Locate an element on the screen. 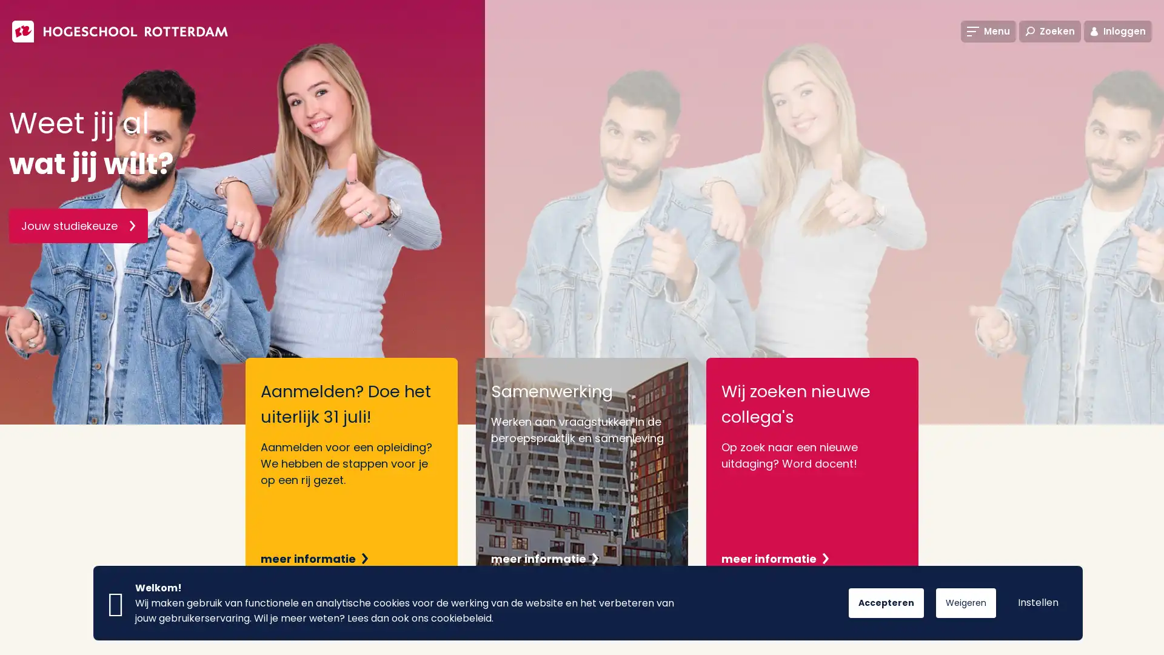  Accepteren is located at coordinates (885, 603).